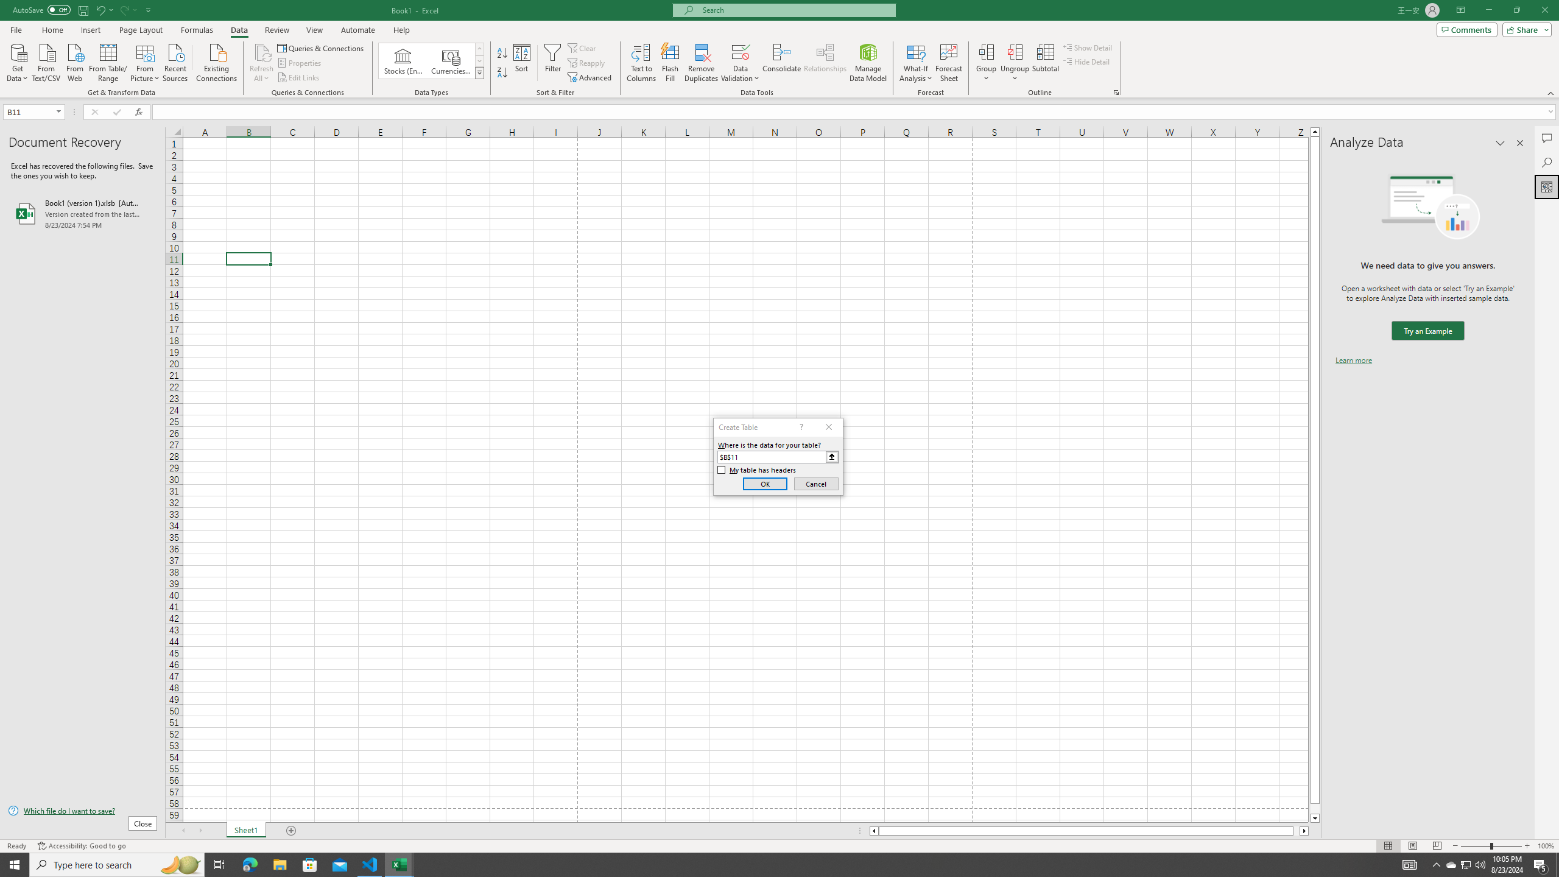 The image size is (1559, 877). I want to click on 'Consolidate...', so click(781, 63).